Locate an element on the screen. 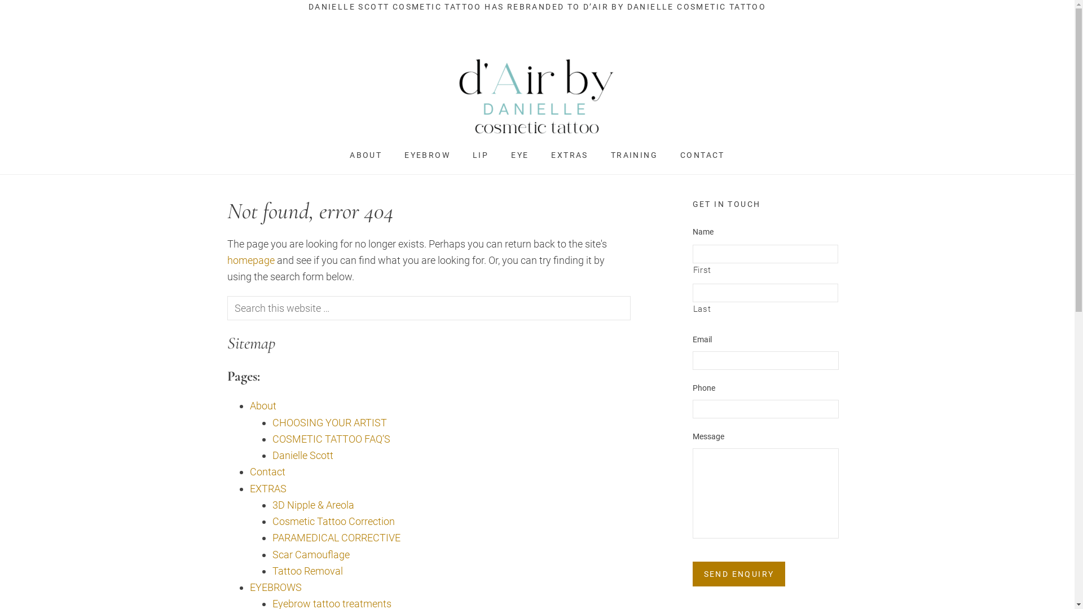 Image resolution: width=1083 pixels, height=609 pixels. 'EYE' is located at coordinates (519, 155).